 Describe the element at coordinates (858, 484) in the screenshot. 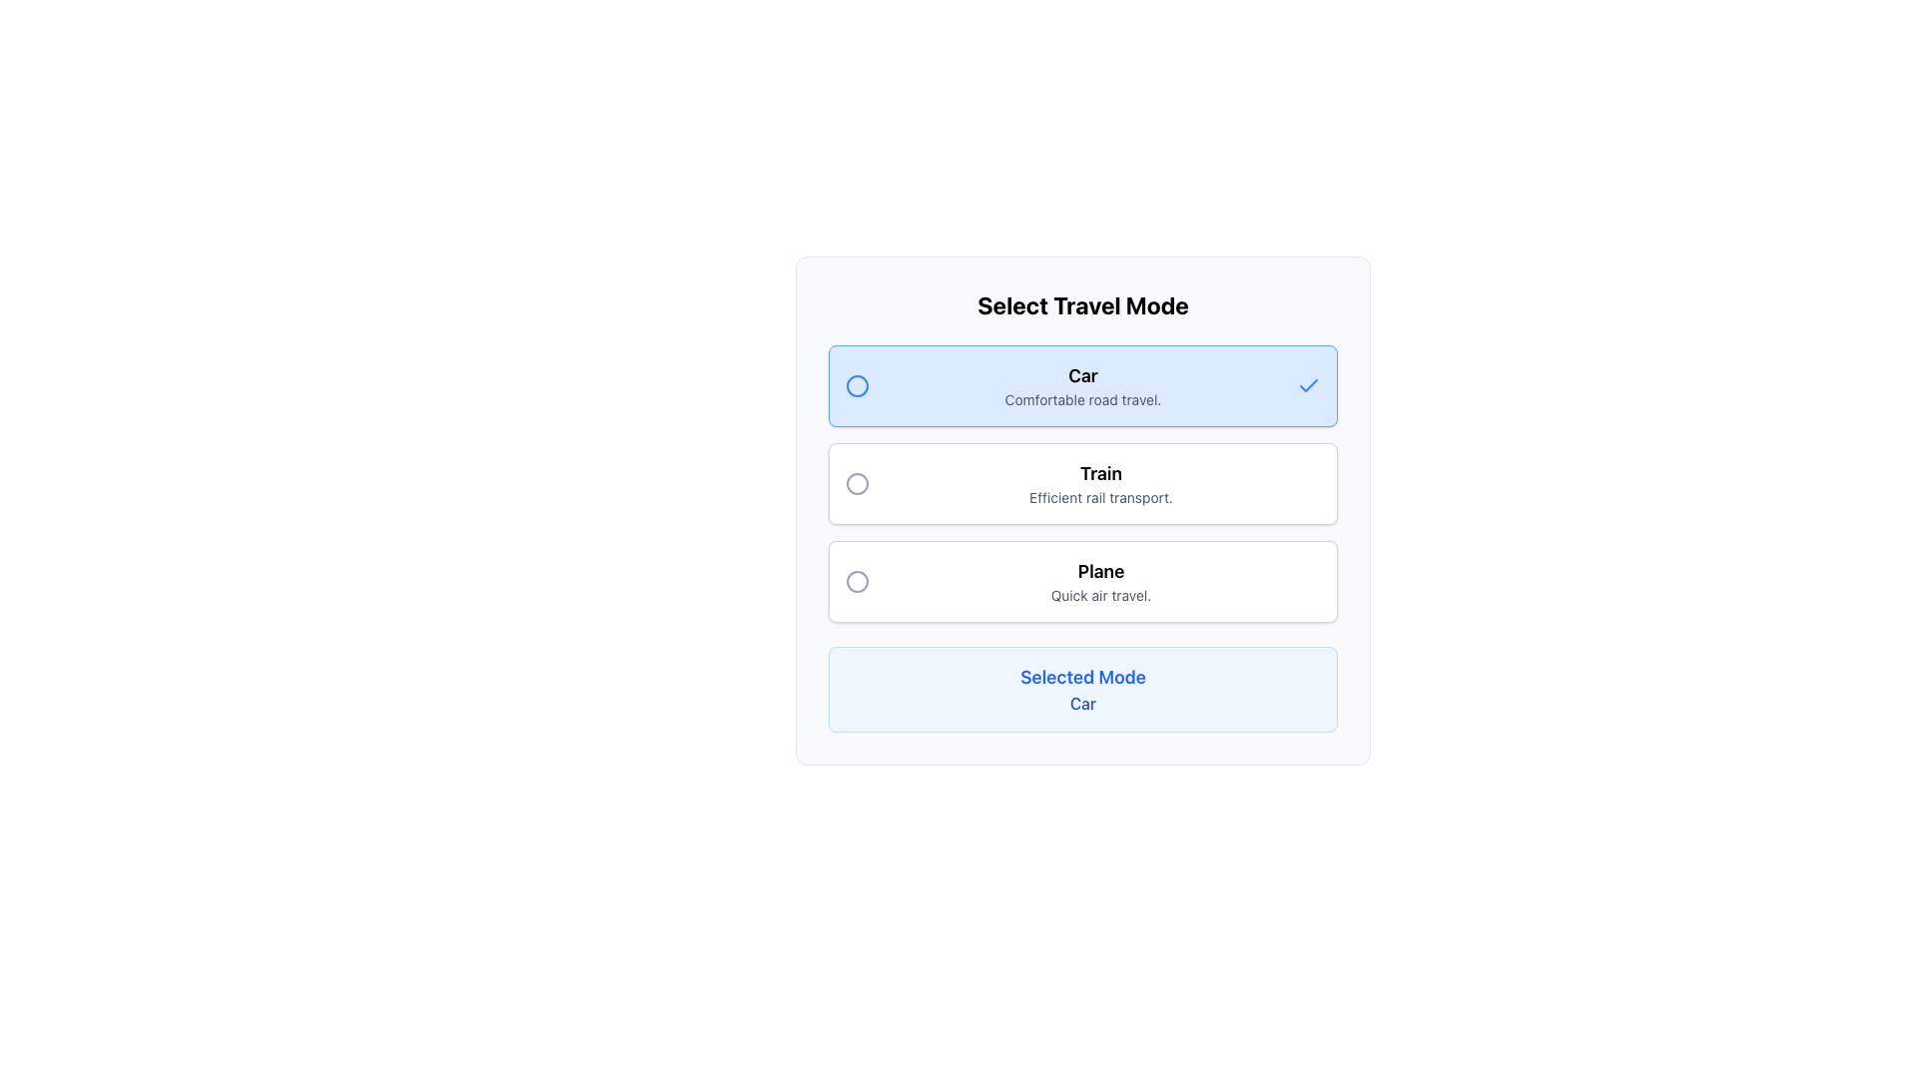

I see `the inner circle of the 'Train' option radio button` at that location.